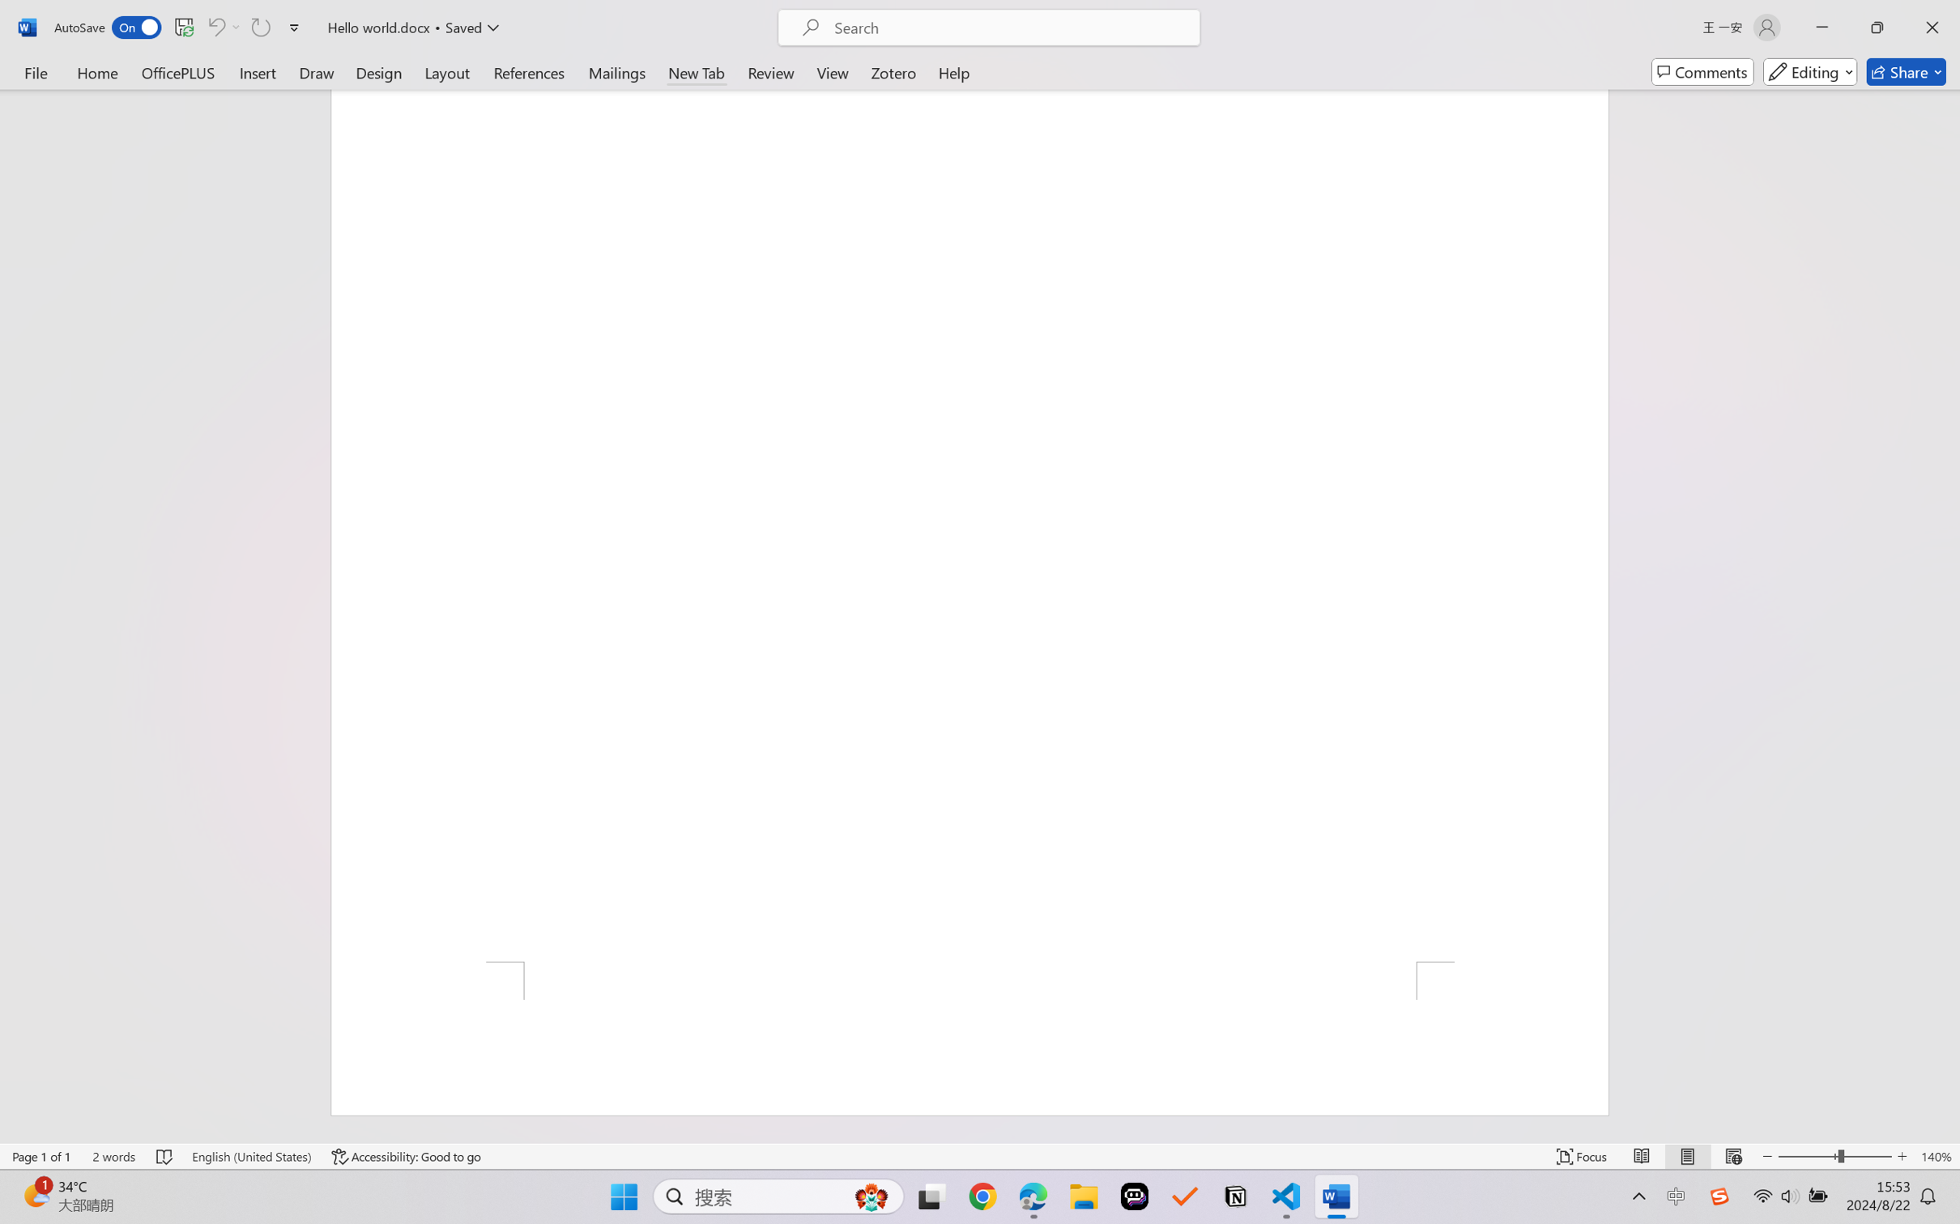  What do you see at coordinates (1732, 1156) in the screenshot?
I see `'Web Layout'` at bounding box center [1732, 1156].